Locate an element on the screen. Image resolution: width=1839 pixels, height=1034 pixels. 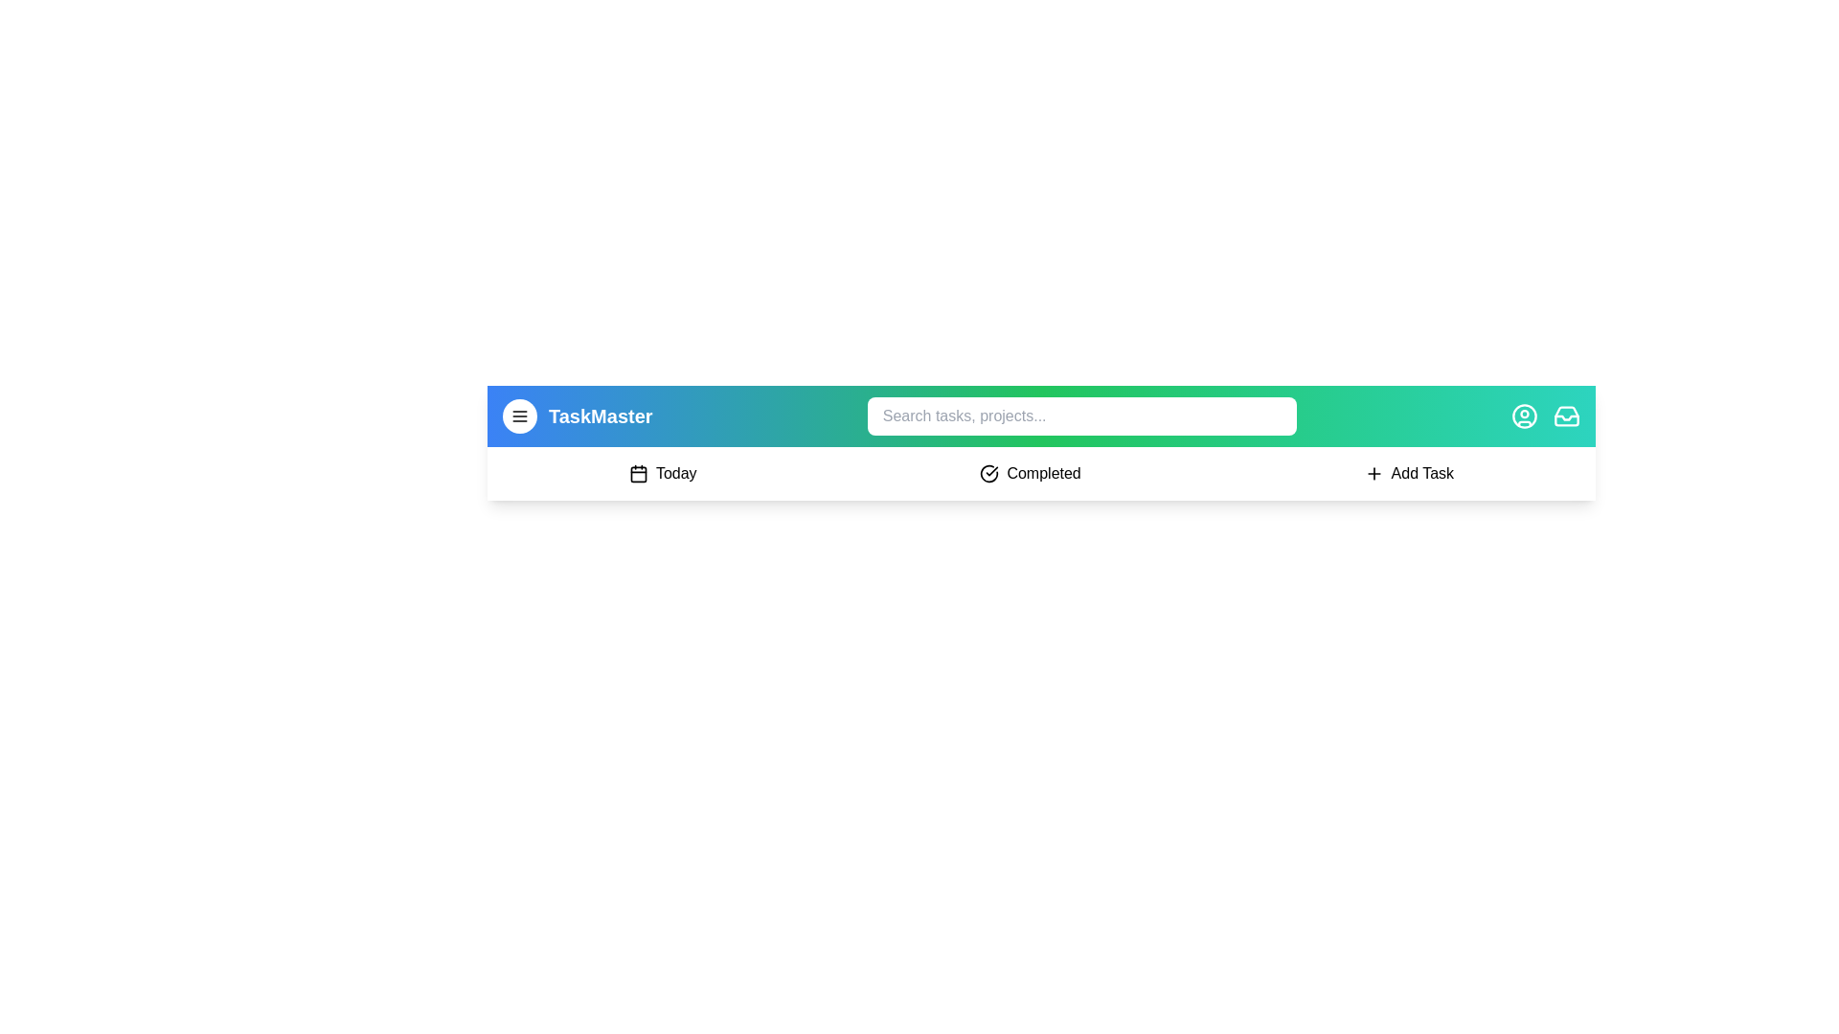
the 'Add Task' button to initiate the task creation process is located at coordinates (1408, 473).